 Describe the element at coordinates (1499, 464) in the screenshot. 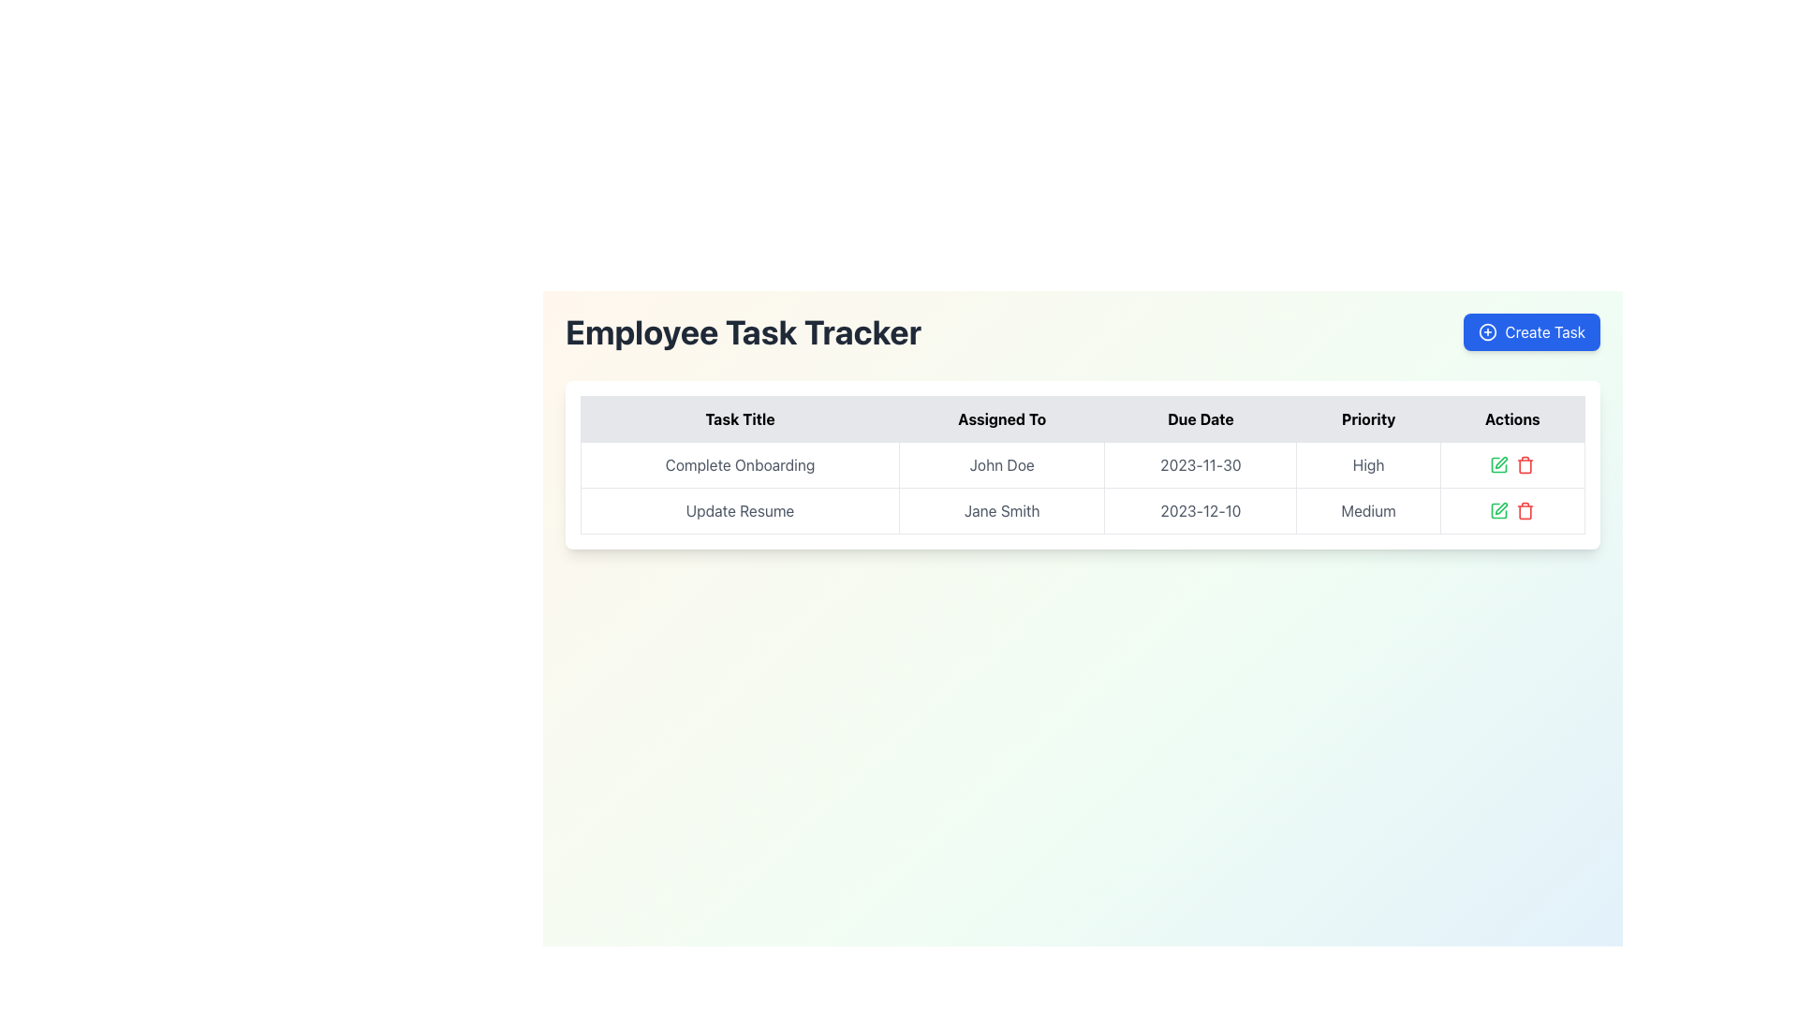

I see `the left part of the square with a pen overlay icon in the 'Actions' column of the second row, adjacent to the 'Update Resume' task` at that location.